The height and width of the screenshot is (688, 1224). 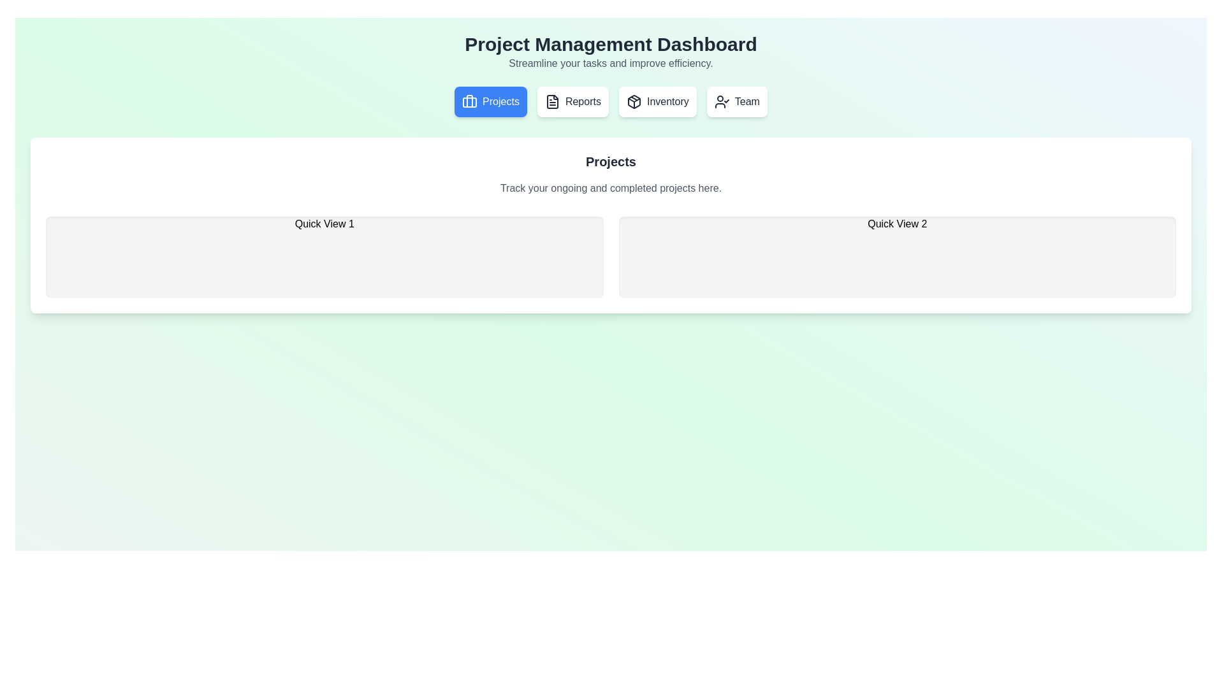 I want to click on the text label that provides a supporting descriptive subtitle for the 'Project Management Dashboard' heading, positioned directly below it, so click(x=610, y=64).